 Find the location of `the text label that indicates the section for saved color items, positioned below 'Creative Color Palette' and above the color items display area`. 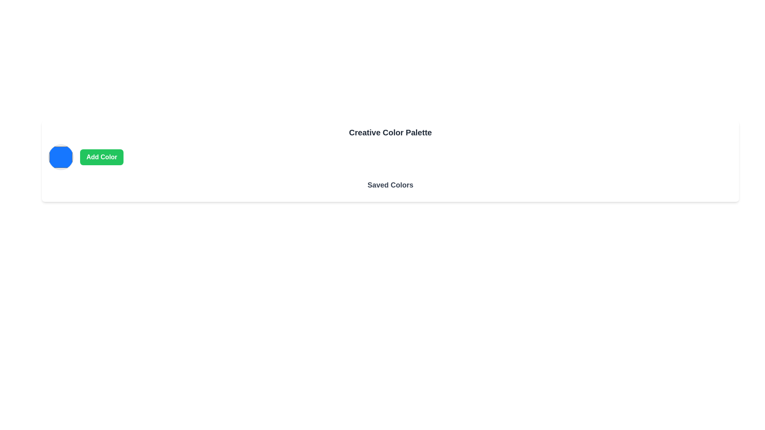

the text label that indicates the section for saved color items, positioned below 'Creative Color Palette' and above the color items display area is located at coordinates (390, 185).